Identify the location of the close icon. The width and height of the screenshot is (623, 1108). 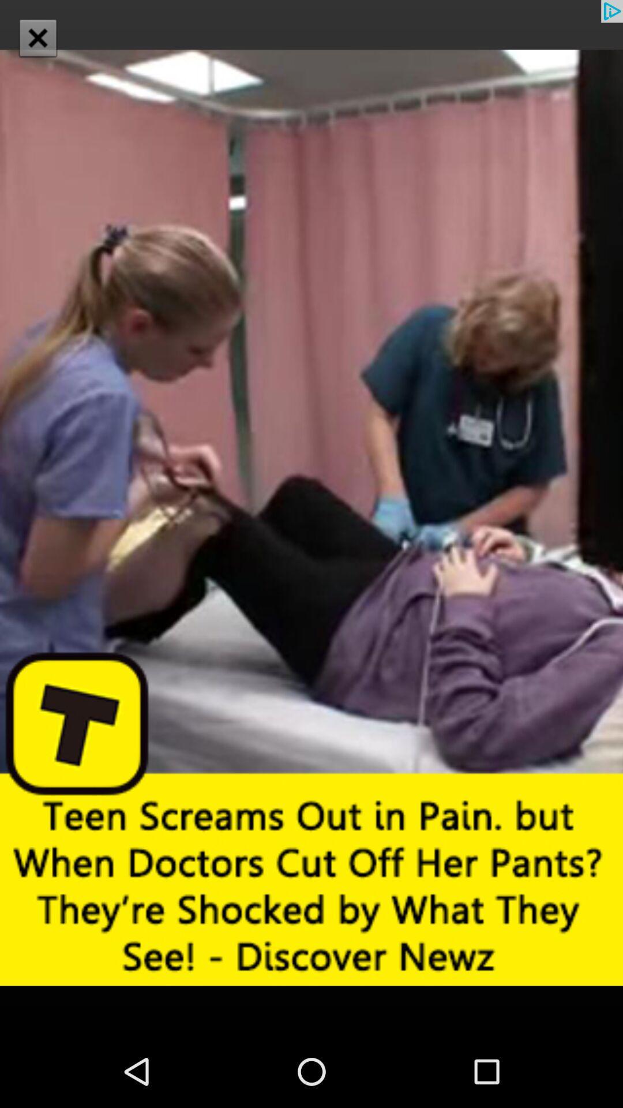
(37, 40).